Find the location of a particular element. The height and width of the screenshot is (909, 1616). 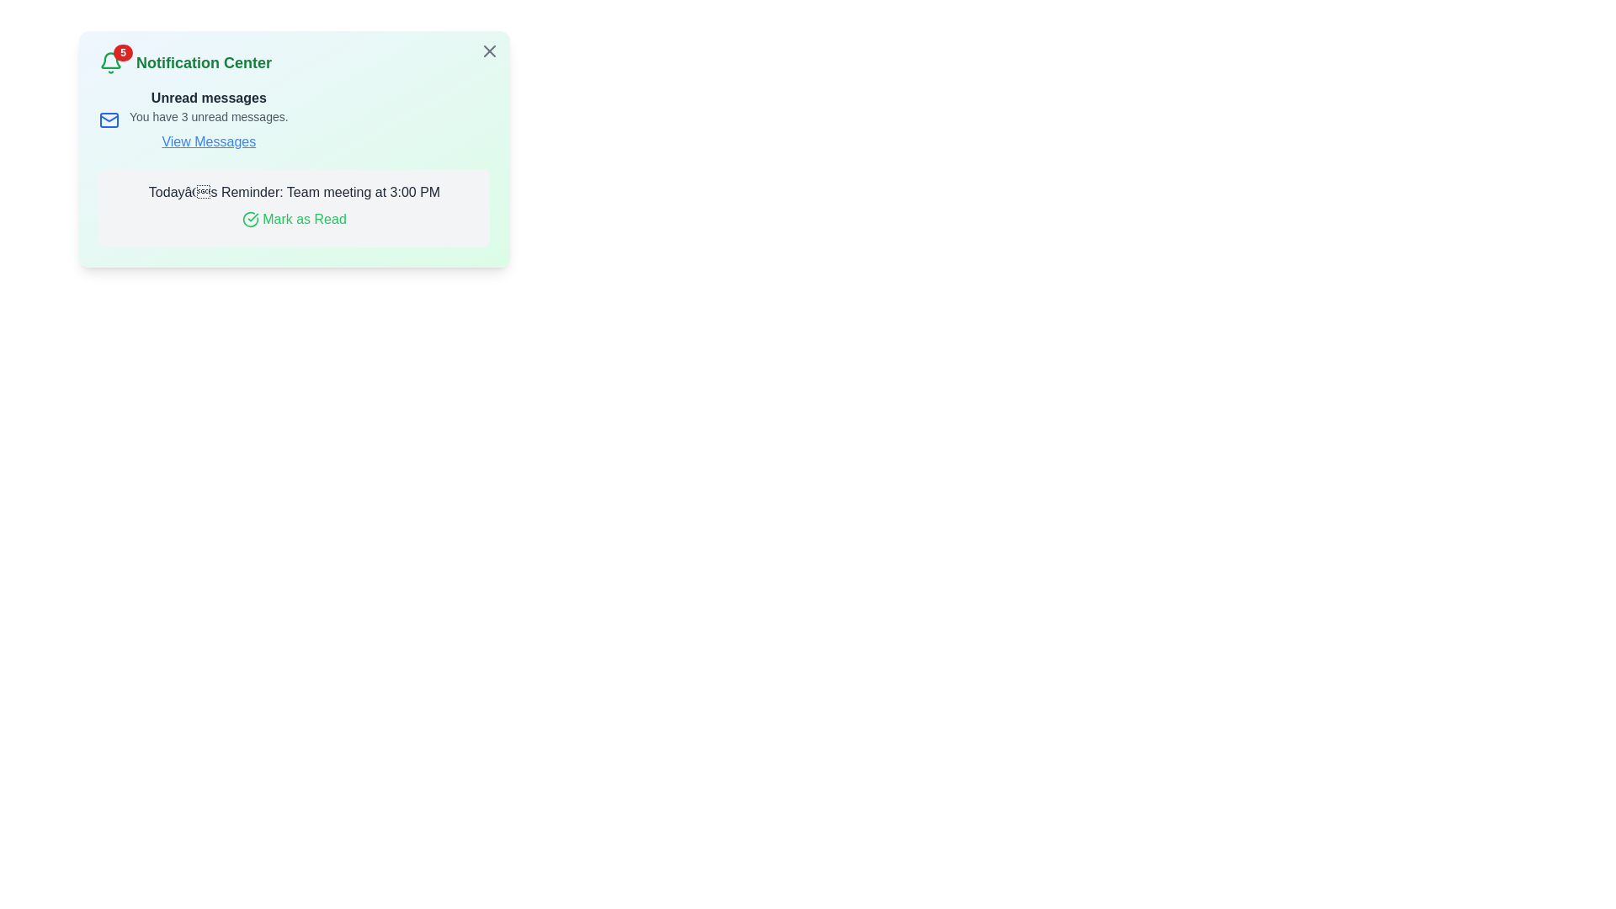

the SVG rectangle element representing part of a mail icon, located in the notification center view, left of the 'Unread messages' text is located at coordinates (108, 119).